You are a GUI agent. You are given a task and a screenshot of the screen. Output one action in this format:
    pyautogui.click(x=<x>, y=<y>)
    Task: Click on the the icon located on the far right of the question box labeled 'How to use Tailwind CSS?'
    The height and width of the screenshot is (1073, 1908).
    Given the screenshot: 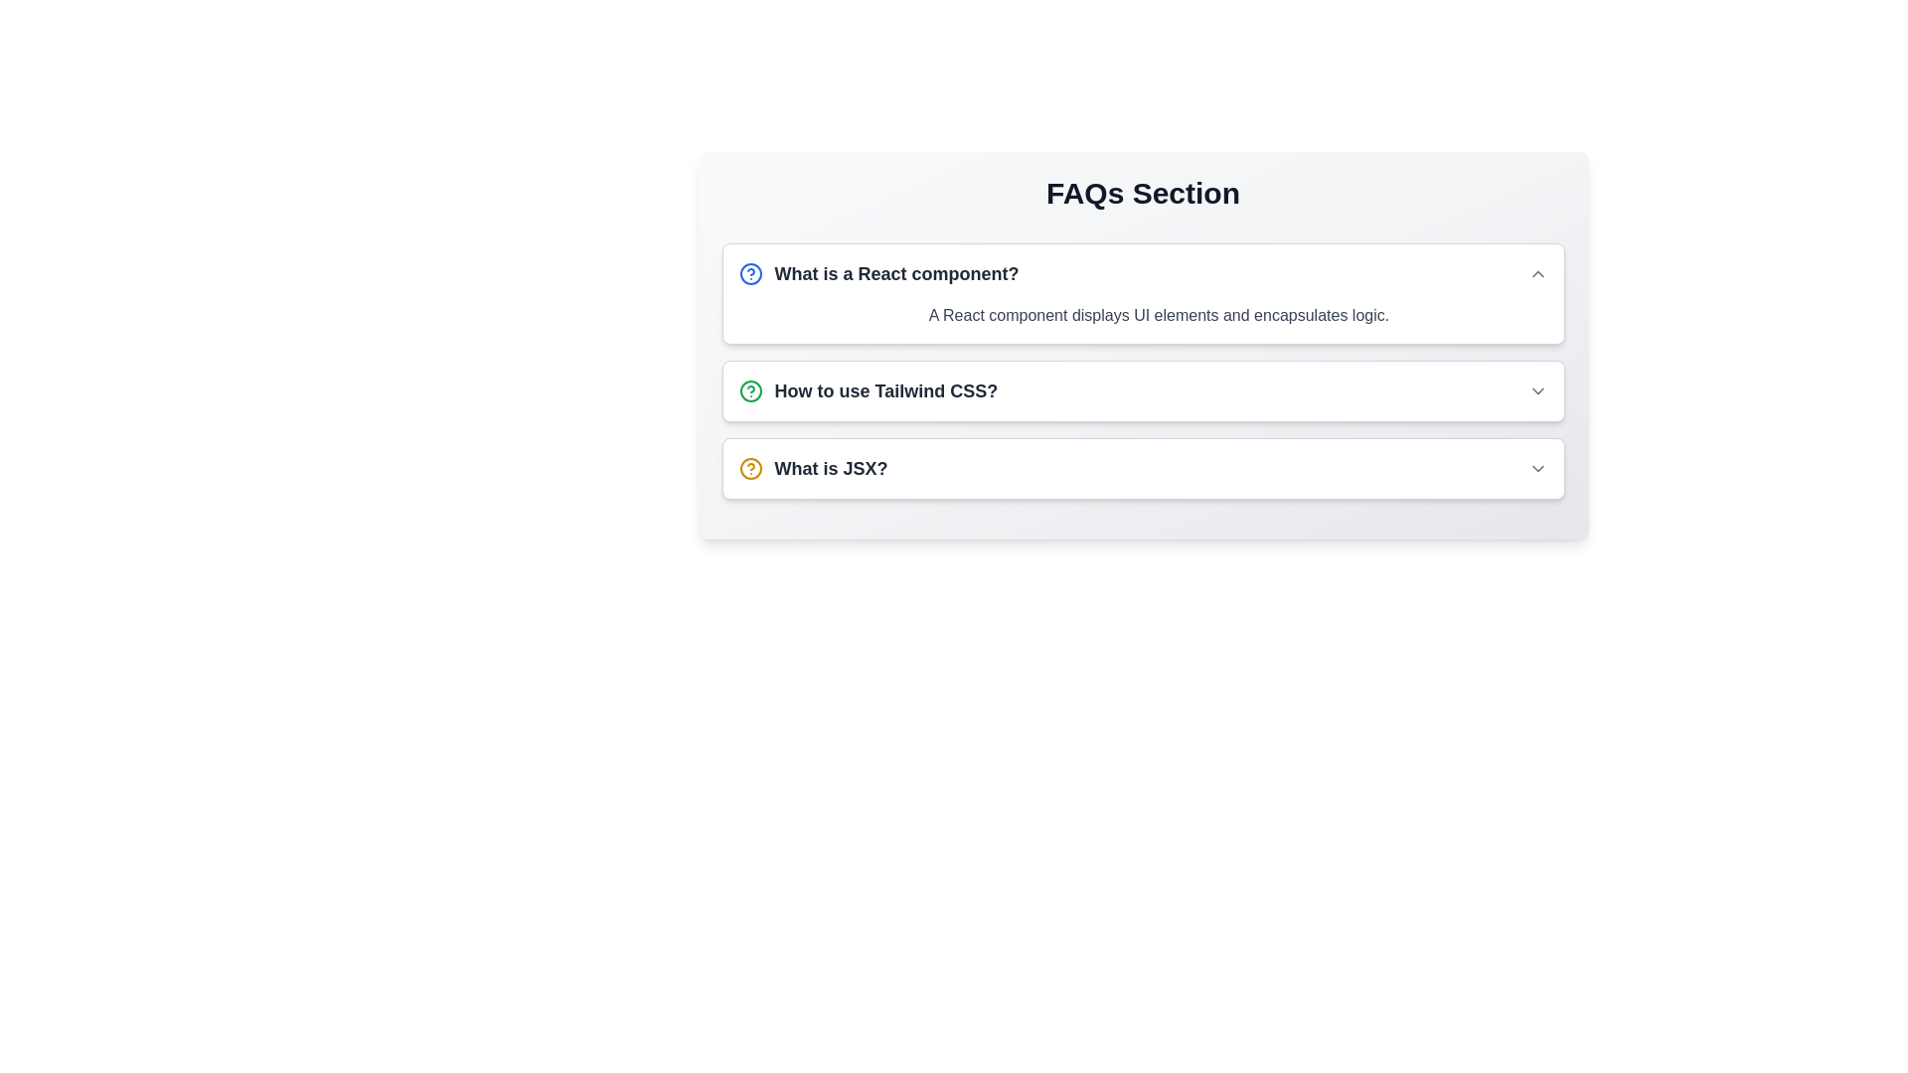 What is the action you would take?
    pyautogui.click(x=1536, y=390)
    